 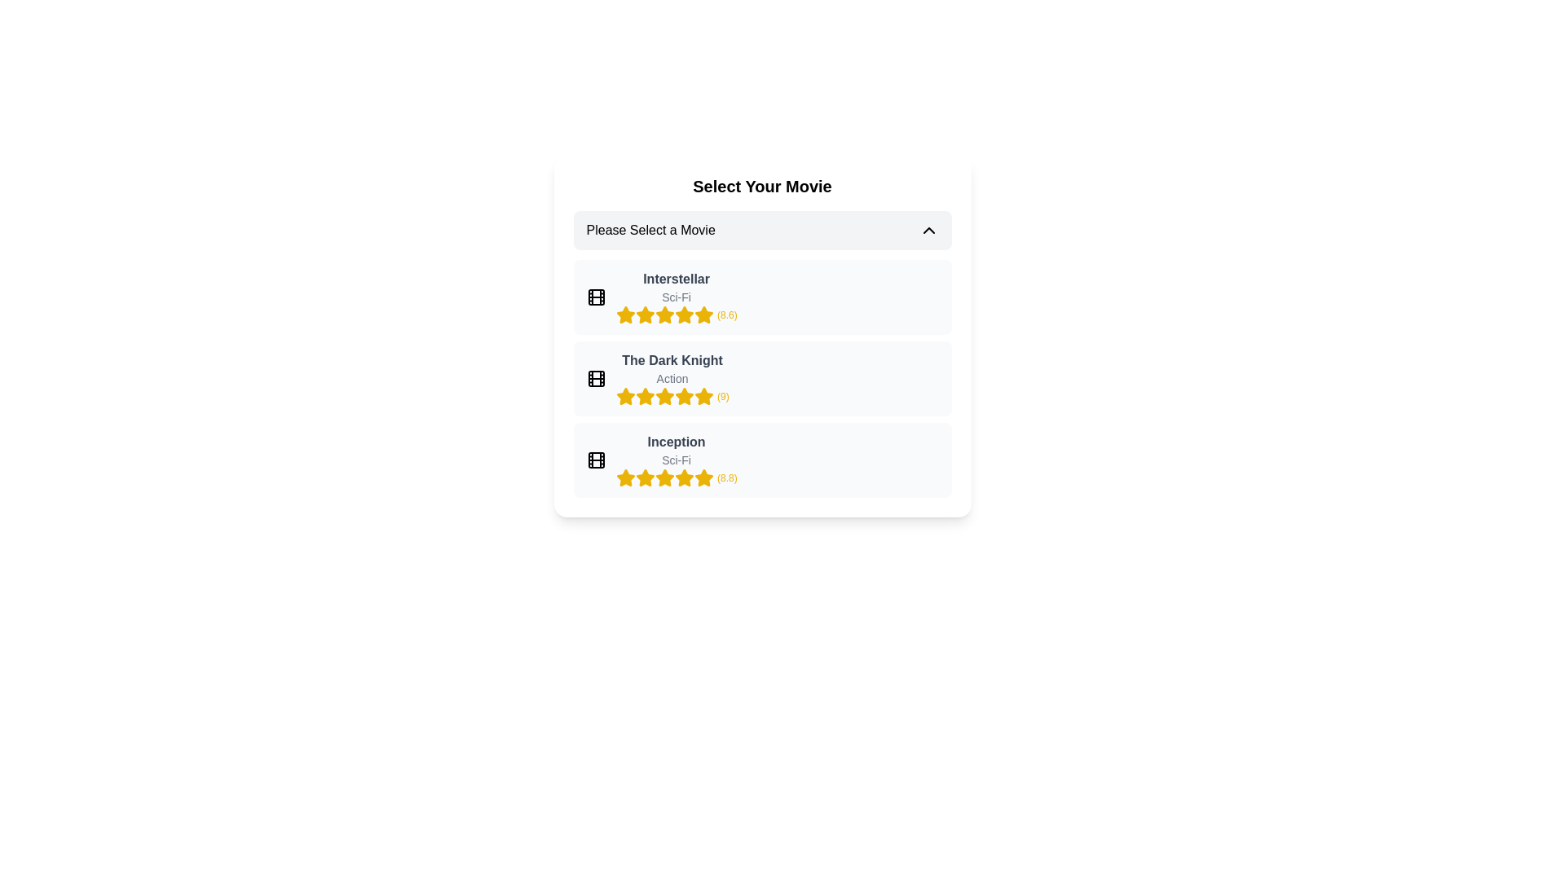 I want to click on the fourth star-shaped icon in the rating system for the movie 'The Dark Knight', which visually represents a rating of four out of five stars, so click(x=684, y=396).